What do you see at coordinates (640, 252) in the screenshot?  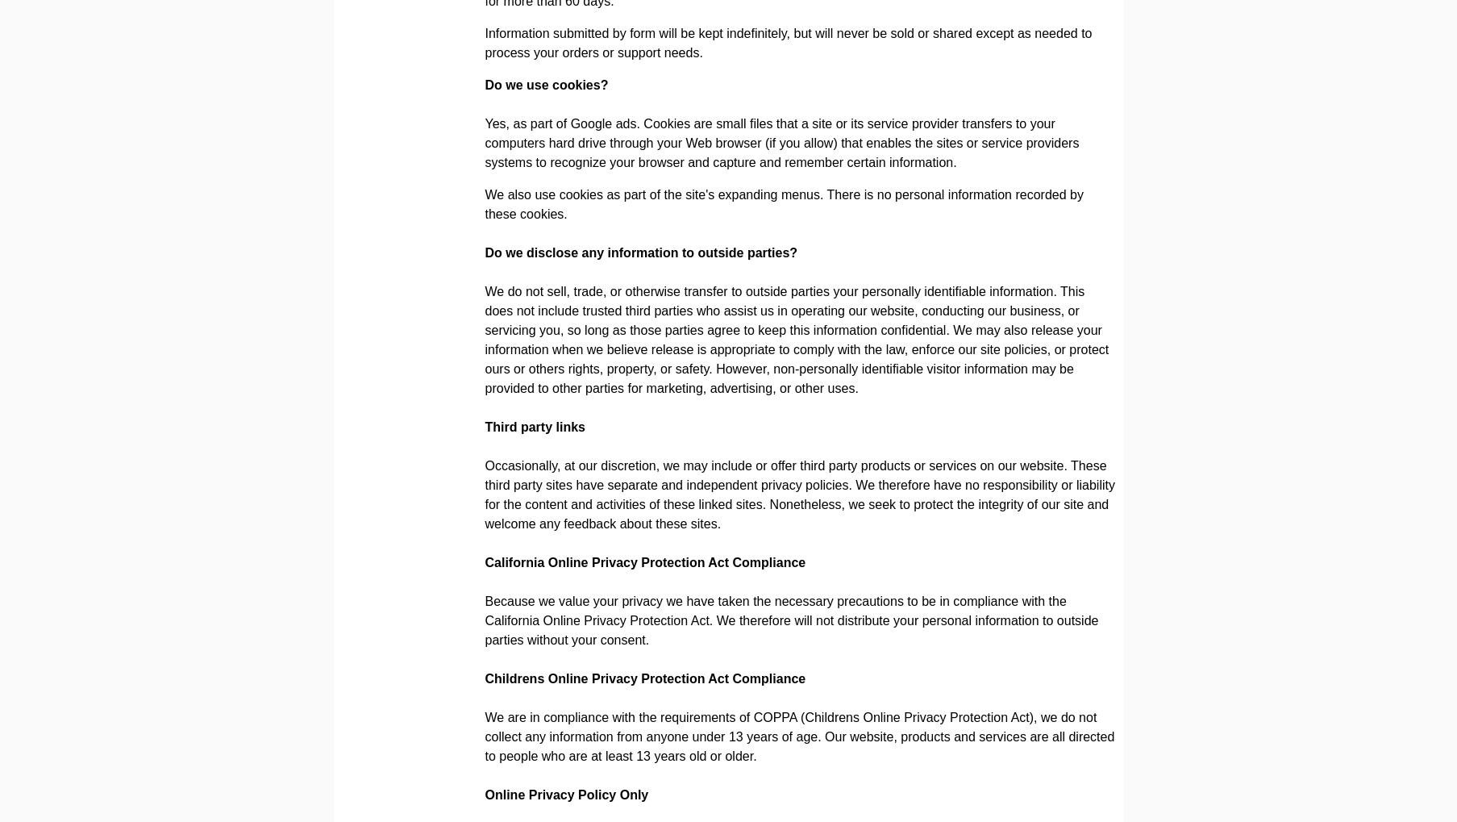 I see `'Do we disclose any information to outside parties?'` at bounding box center [640, 252].